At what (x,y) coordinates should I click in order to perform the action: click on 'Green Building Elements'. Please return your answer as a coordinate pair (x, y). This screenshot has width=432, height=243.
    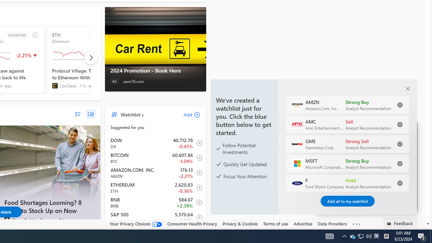
    Looking at the image, I should click on (7, 220).